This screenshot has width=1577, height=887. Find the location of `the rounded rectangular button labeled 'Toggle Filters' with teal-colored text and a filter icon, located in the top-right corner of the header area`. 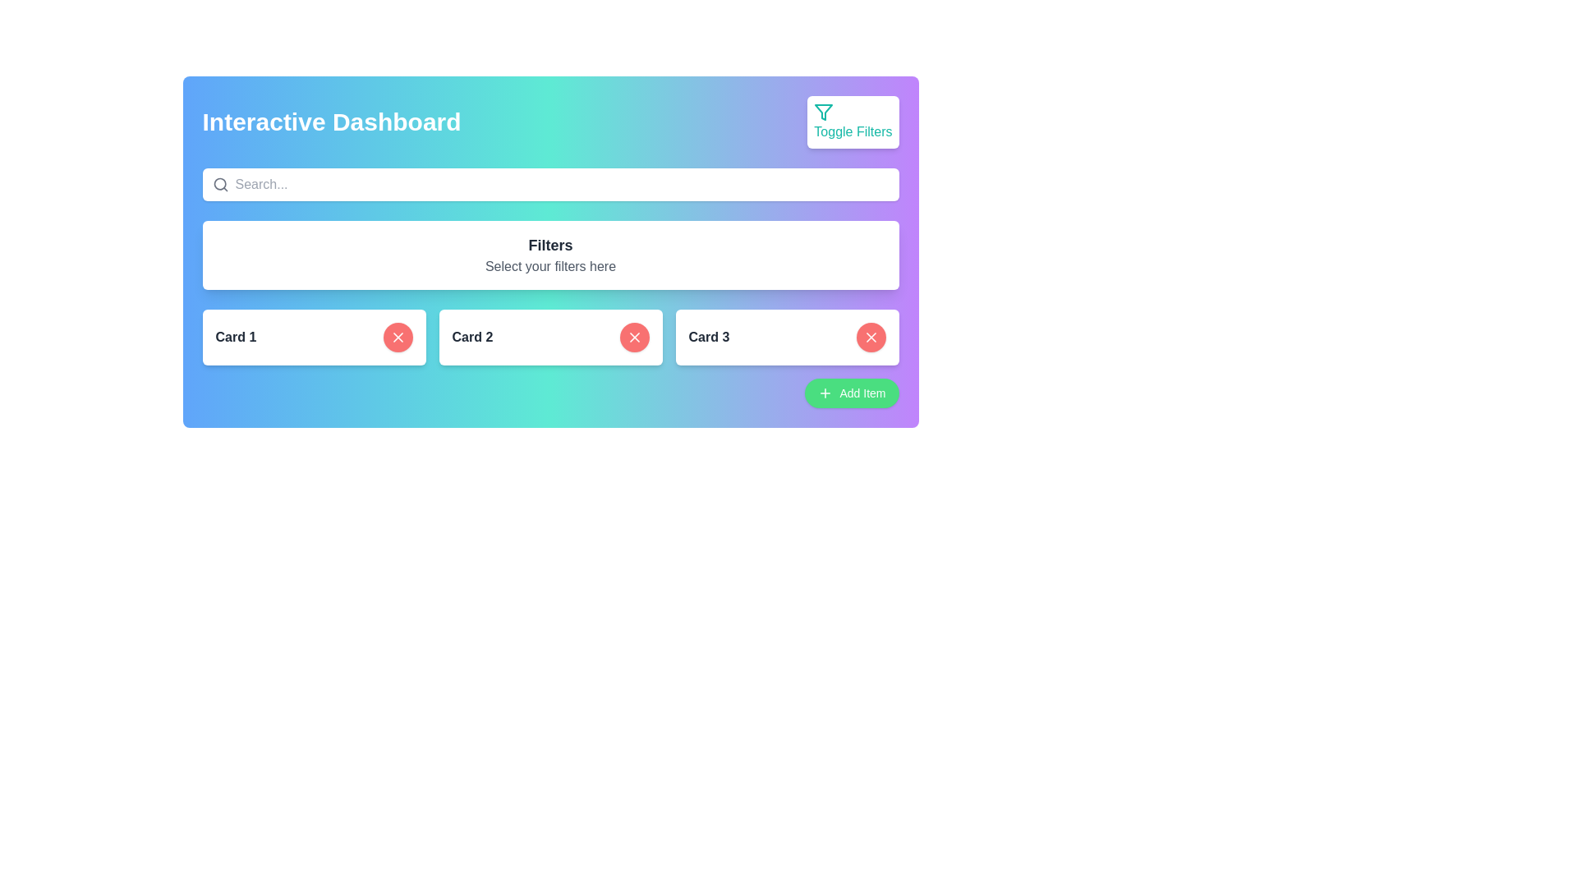

the rounded rectangular button labeled 'Toggle Filters' with teal-colored text and a filter icon, located in the top-right corner of the header area is located at coordinates (853, 122).